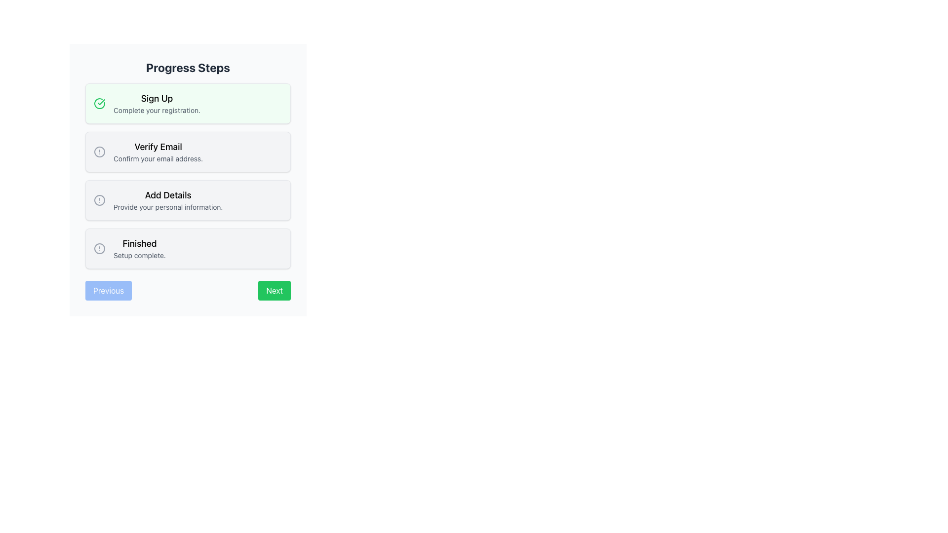 Image resolution: width=948 pixels, height=533 pixels. What do you see at coordinates (99, 200) in the screenshot?
I see `the visual state of the alert icon representing a warning or information symbol, located at the leftmost side of the 'Add Details' step in the Progress Steps layout` at bounding box center [99, 200].